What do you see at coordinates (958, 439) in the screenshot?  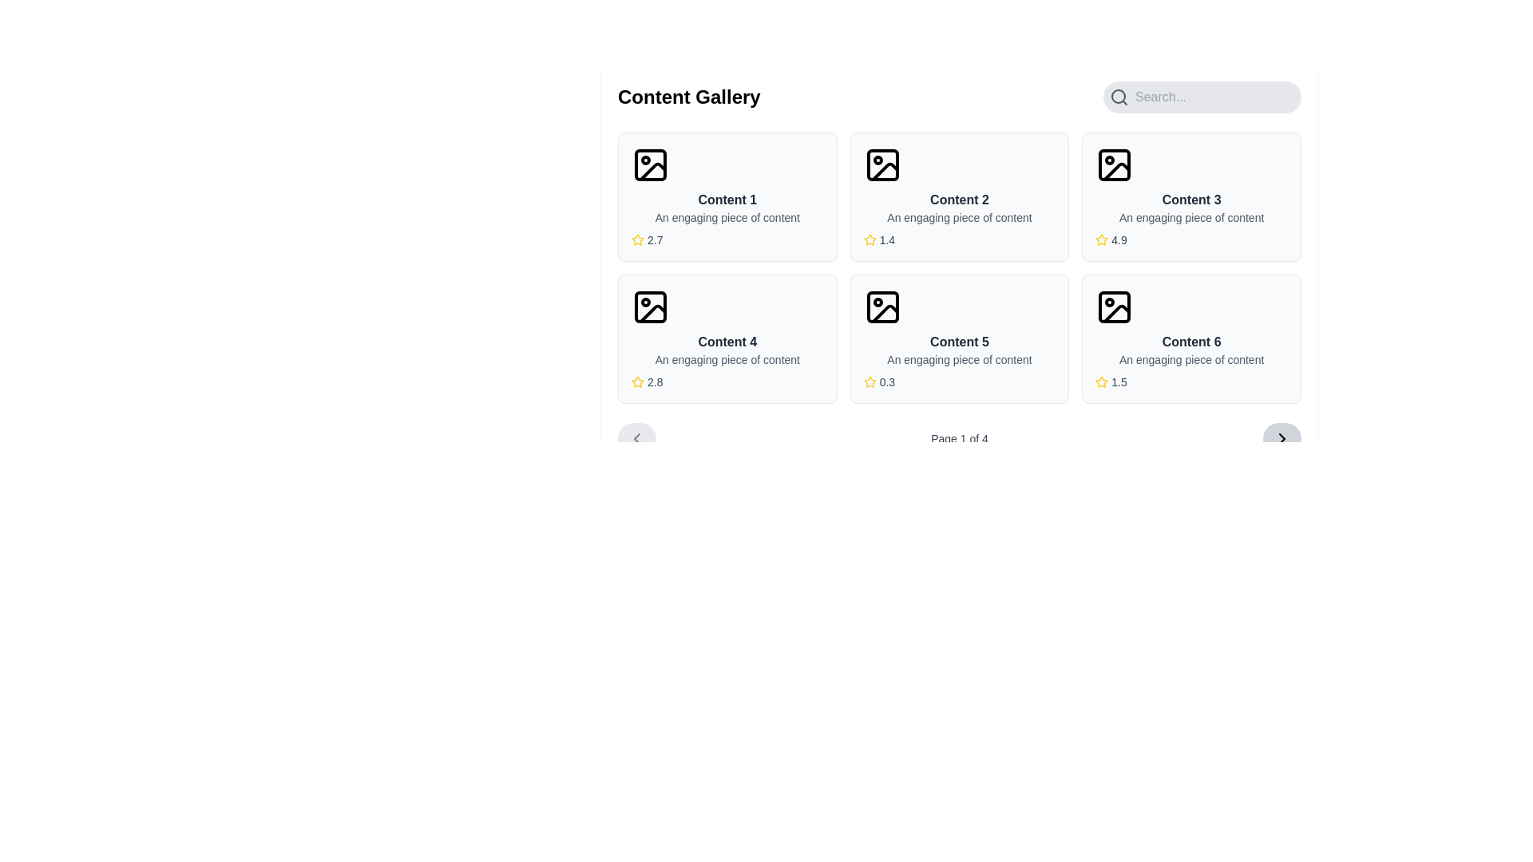 I see `the informational text label displaying 'Page 1 of 4', located at the center of the navigation section` at bounding box center [958, 439].